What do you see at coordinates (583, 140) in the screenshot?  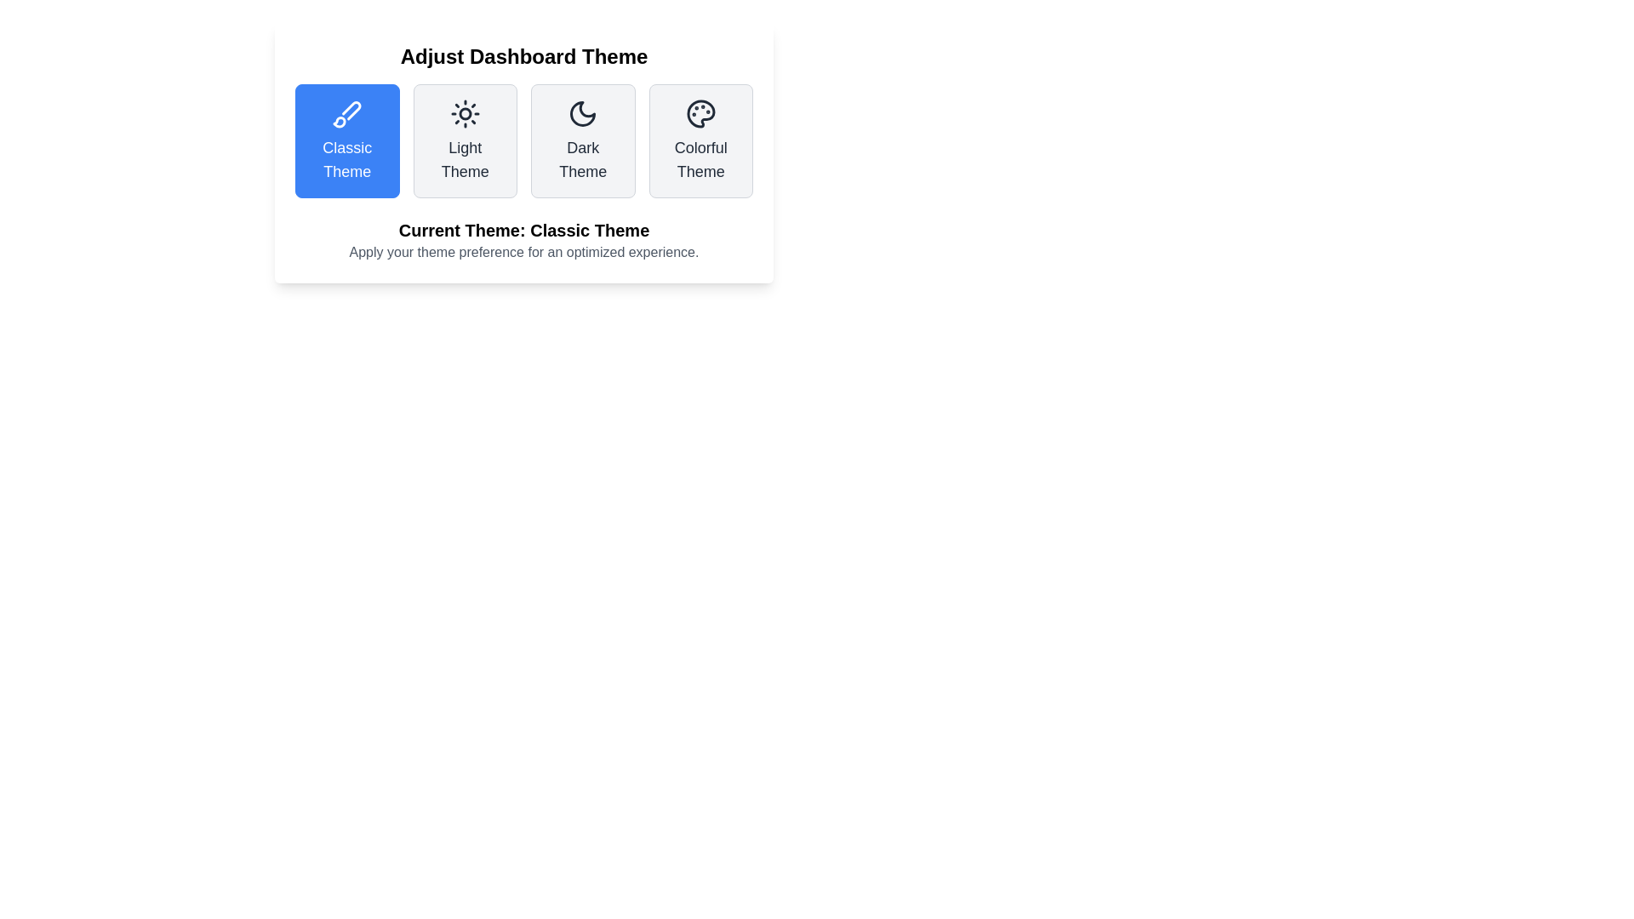 I see `the 'Dark Theme' button, which is a vertically-stacked rectangular button with a white background and a dark-gray crescent moon icon above bold text` at bounding box center [583, 140].